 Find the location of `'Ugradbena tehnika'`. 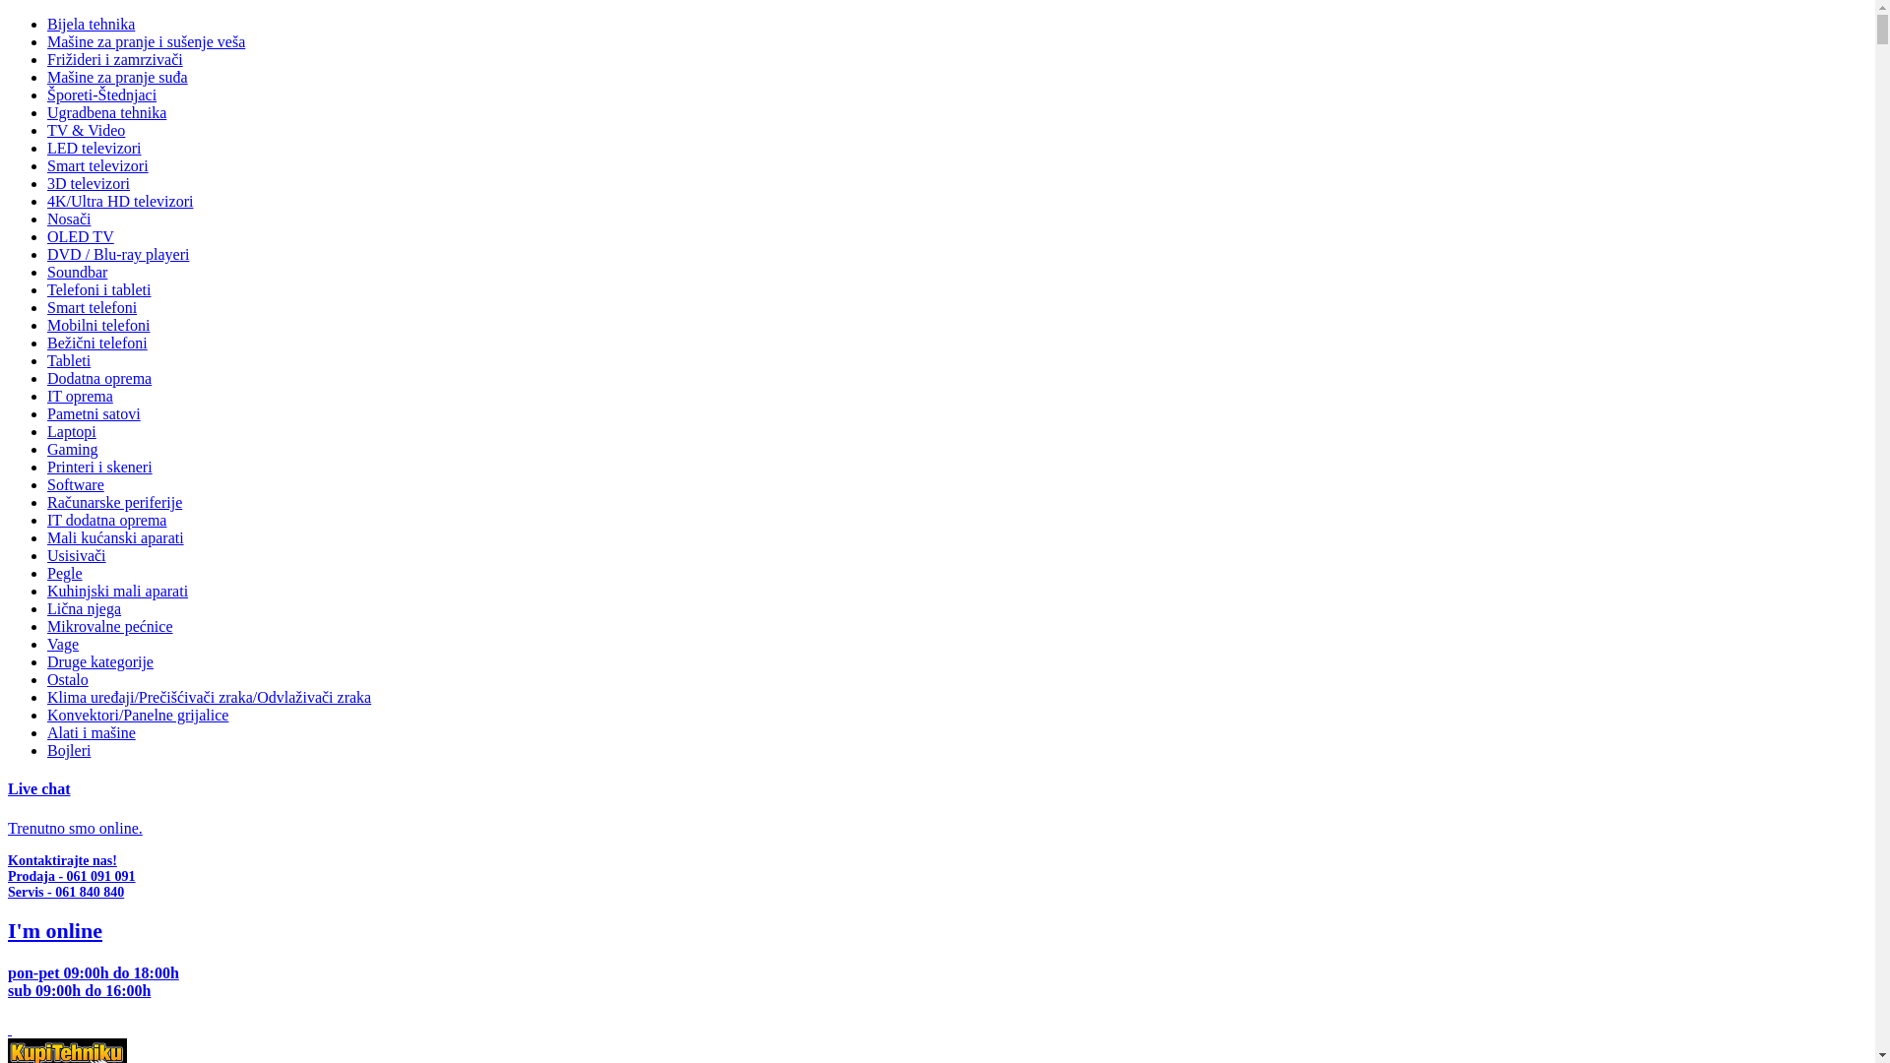

'Ugradbena tehnika' is located at coordinates (47, 112).